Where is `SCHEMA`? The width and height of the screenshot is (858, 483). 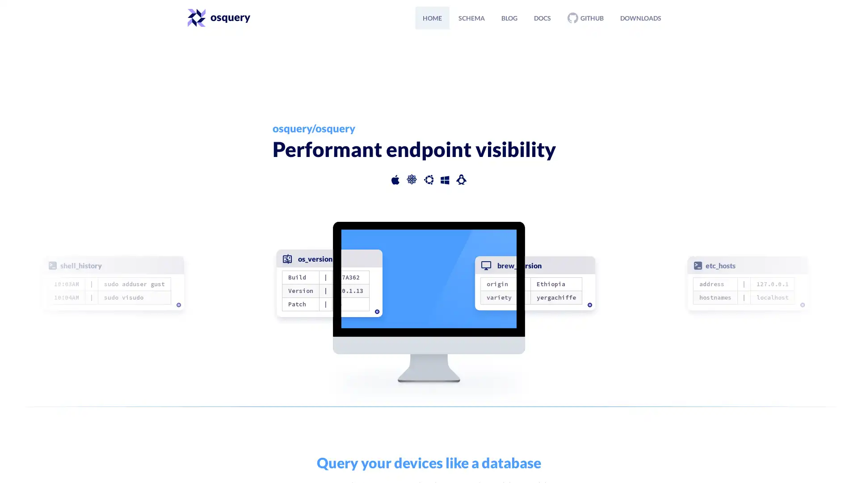
SCHEMA is located at coordinates (471, 17).